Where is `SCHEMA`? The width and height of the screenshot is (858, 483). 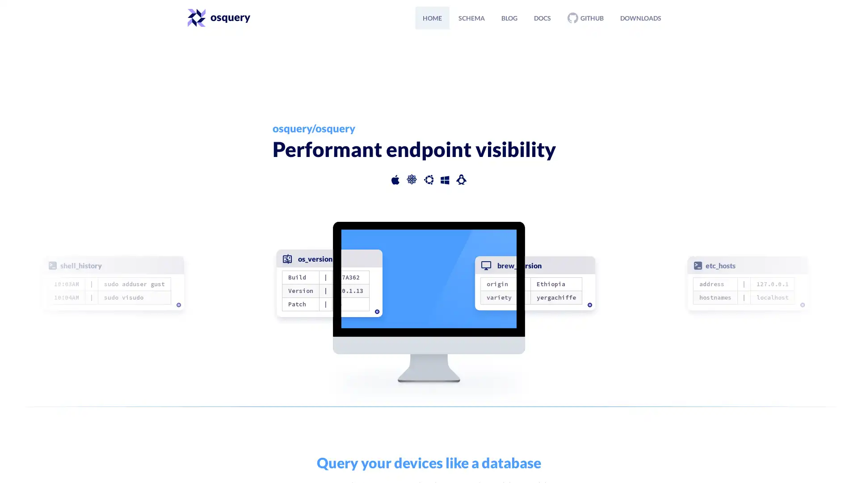
SCHEMA is located at coordinates (471, 17).